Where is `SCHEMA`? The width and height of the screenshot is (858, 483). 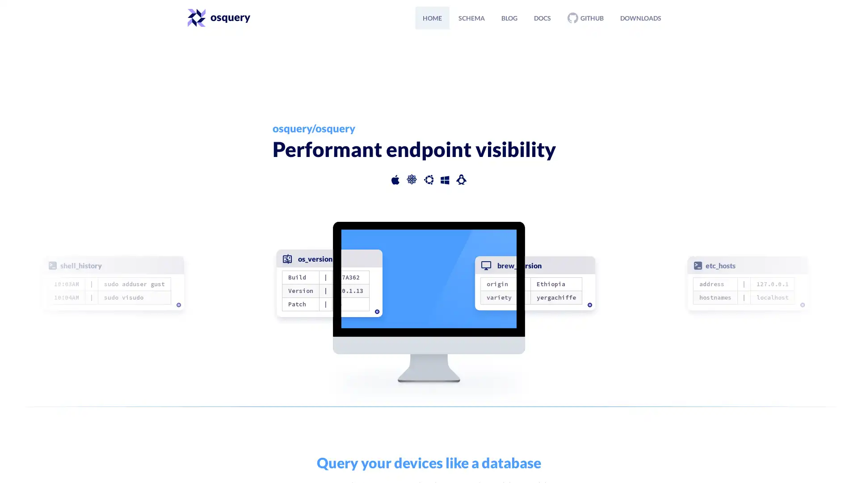
SCHEMA is located at coordinates (471, 17).